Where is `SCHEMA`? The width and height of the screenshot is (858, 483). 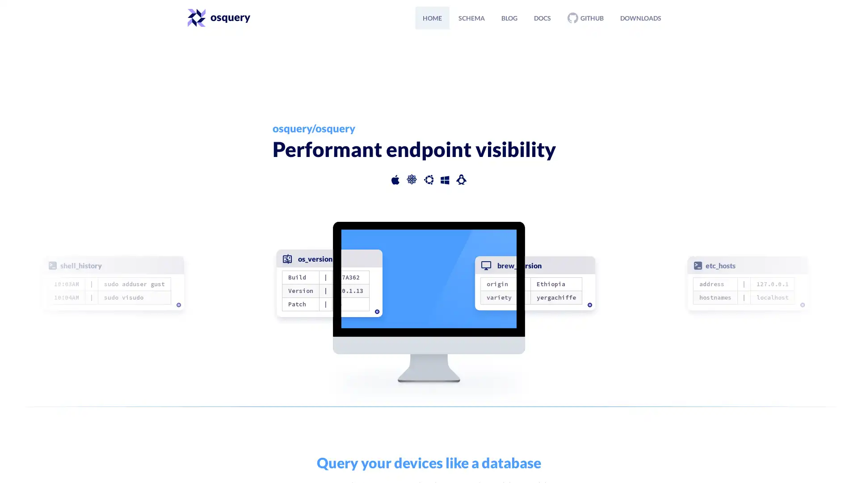
SCHEMA is located at coordinates (471, 17).